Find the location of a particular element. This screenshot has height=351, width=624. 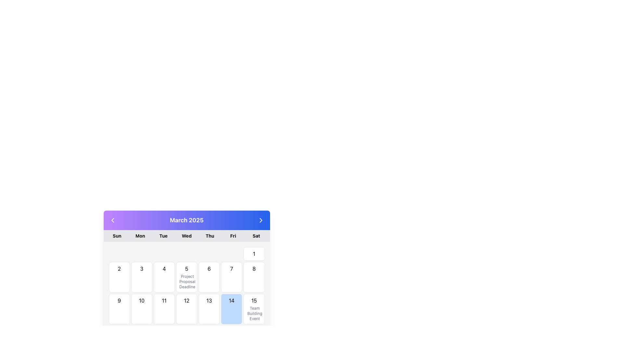

the leftmost button in the calendar header that navigates to the previous month is located at coordinates (112, 220).